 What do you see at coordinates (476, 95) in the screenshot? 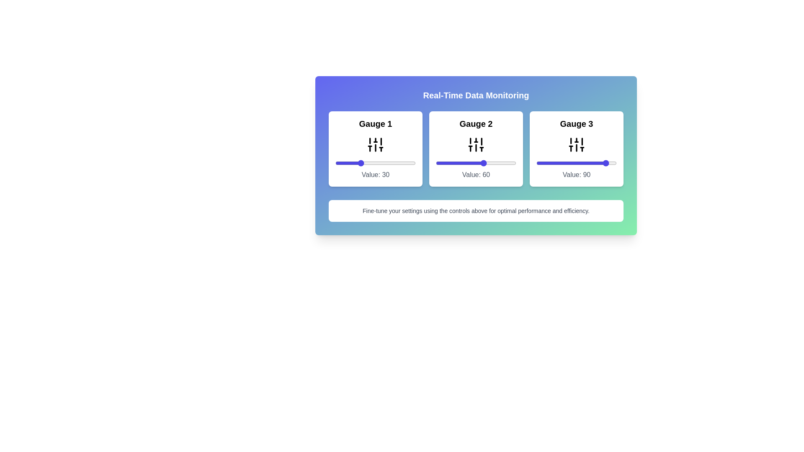
I see `the bold, centered header displaying 'Real-Time Data Monitoring' in white, located at the top section of the interface` at bounding box center [476, 95].